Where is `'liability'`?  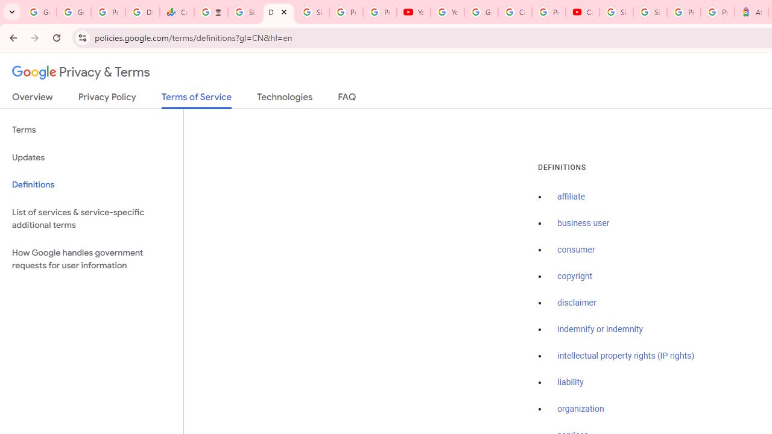
'liability' is located at coordinates (569, 382).